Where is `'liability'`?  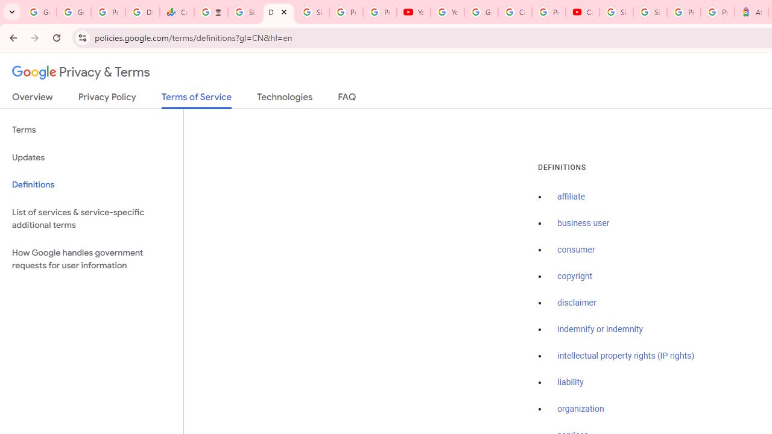
'liability' is located at coordinates (569, 382).